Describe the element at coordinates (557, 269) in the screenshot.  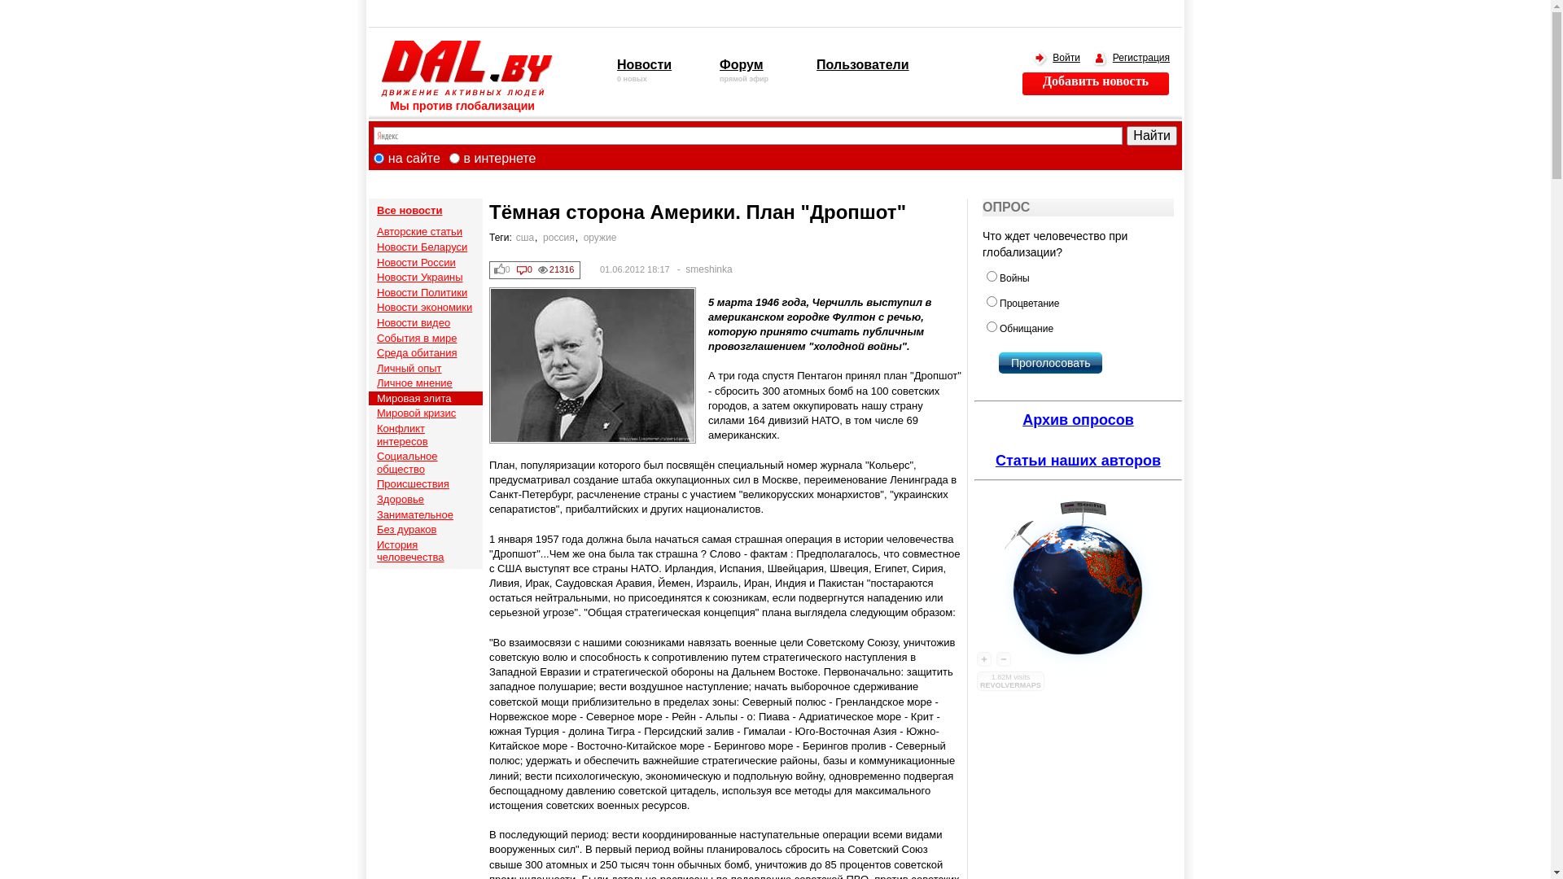
I see `'21316'` at that location.